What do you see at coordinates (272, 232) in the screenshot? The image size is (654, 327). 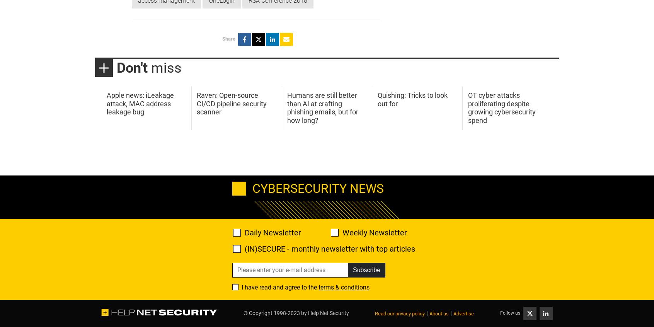 I see `'Daily Newsletter'` at bounding box center [272, 232].